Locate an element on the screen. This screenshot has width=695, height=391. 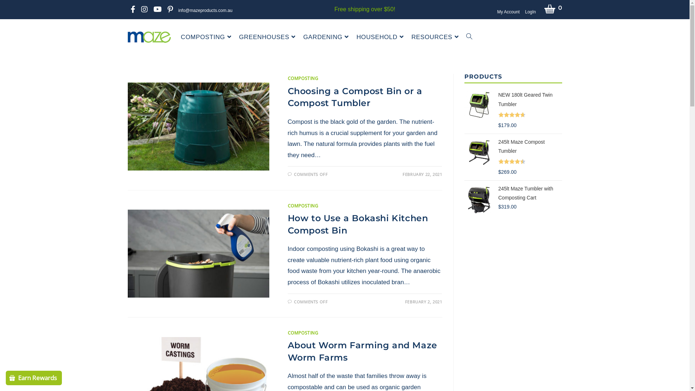
'GARDENING' is located at coordinates (327, 37).